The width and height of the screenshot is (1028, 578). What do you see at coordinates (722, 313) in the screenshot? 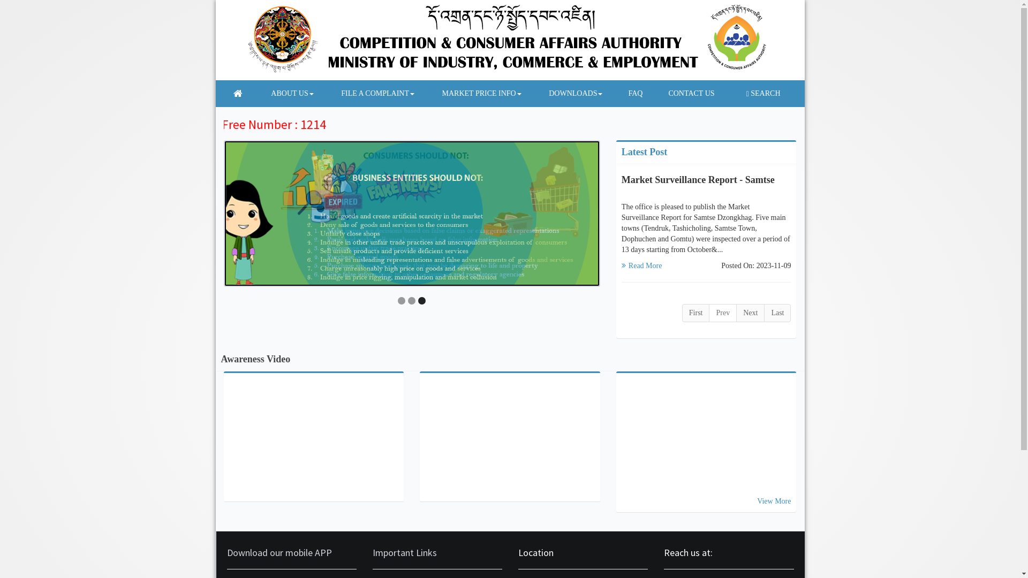
I see `'Prev'` at bounding box center [722, 313].